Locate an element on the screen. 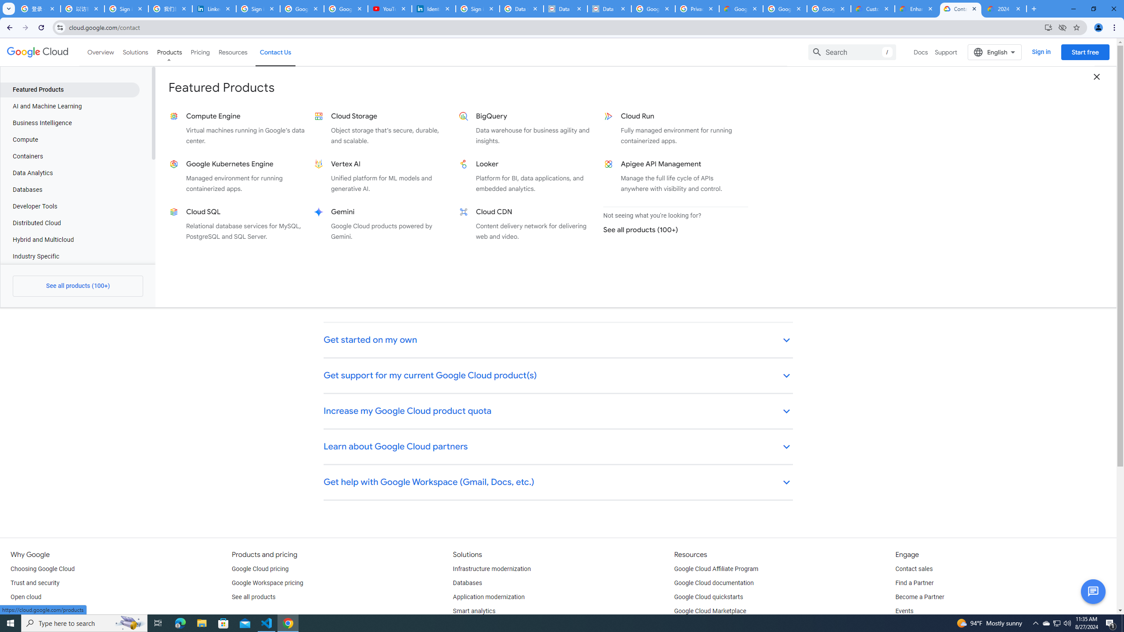  'Data Privacy Framework' is located at coordinates (609, 8).